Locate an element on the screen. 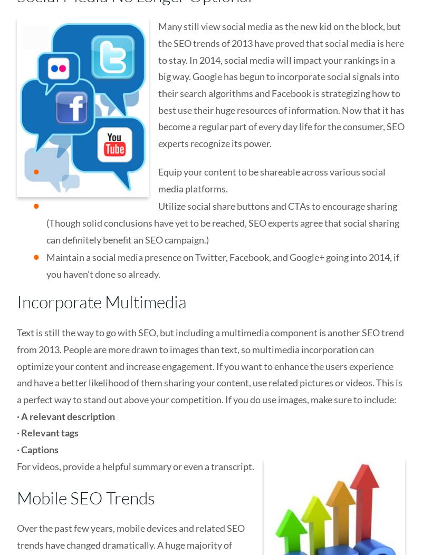  '· Captions' is located at coordinates (37, 449).